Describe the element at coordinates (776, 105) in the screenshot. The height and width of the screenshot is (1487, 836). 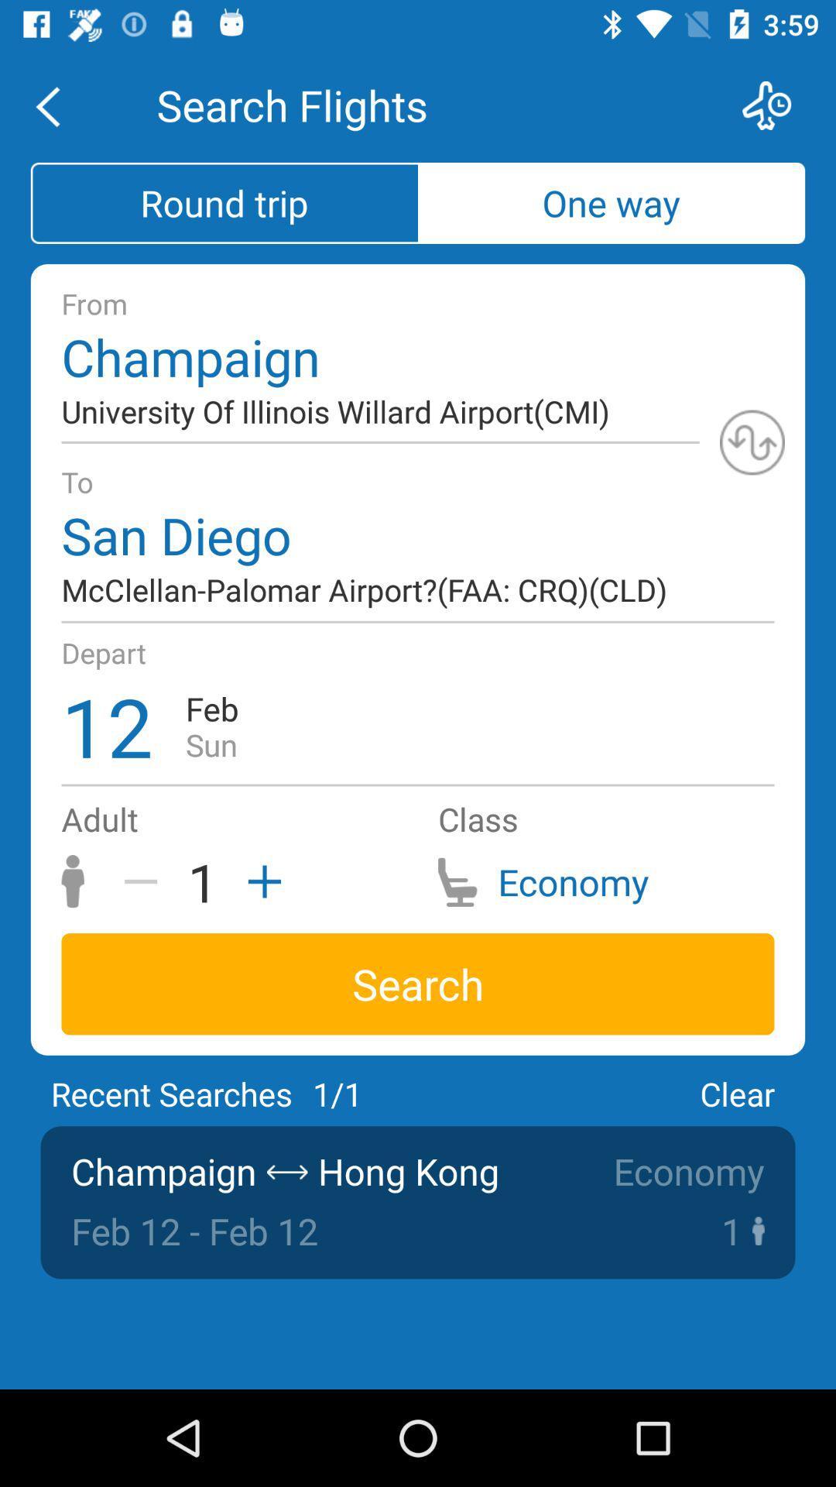
I see `search option` at that location.